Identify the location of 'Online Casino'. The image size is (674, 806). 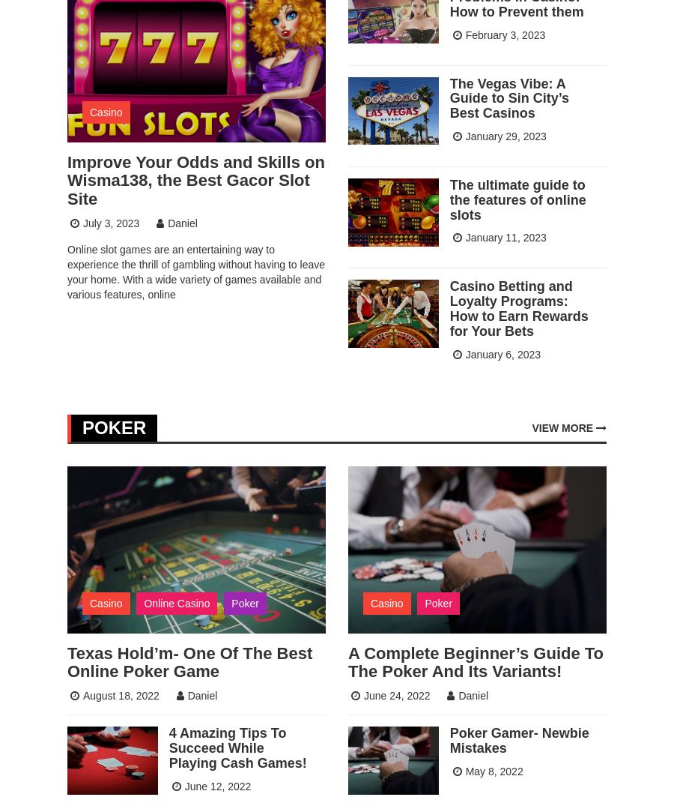
(175, 601).